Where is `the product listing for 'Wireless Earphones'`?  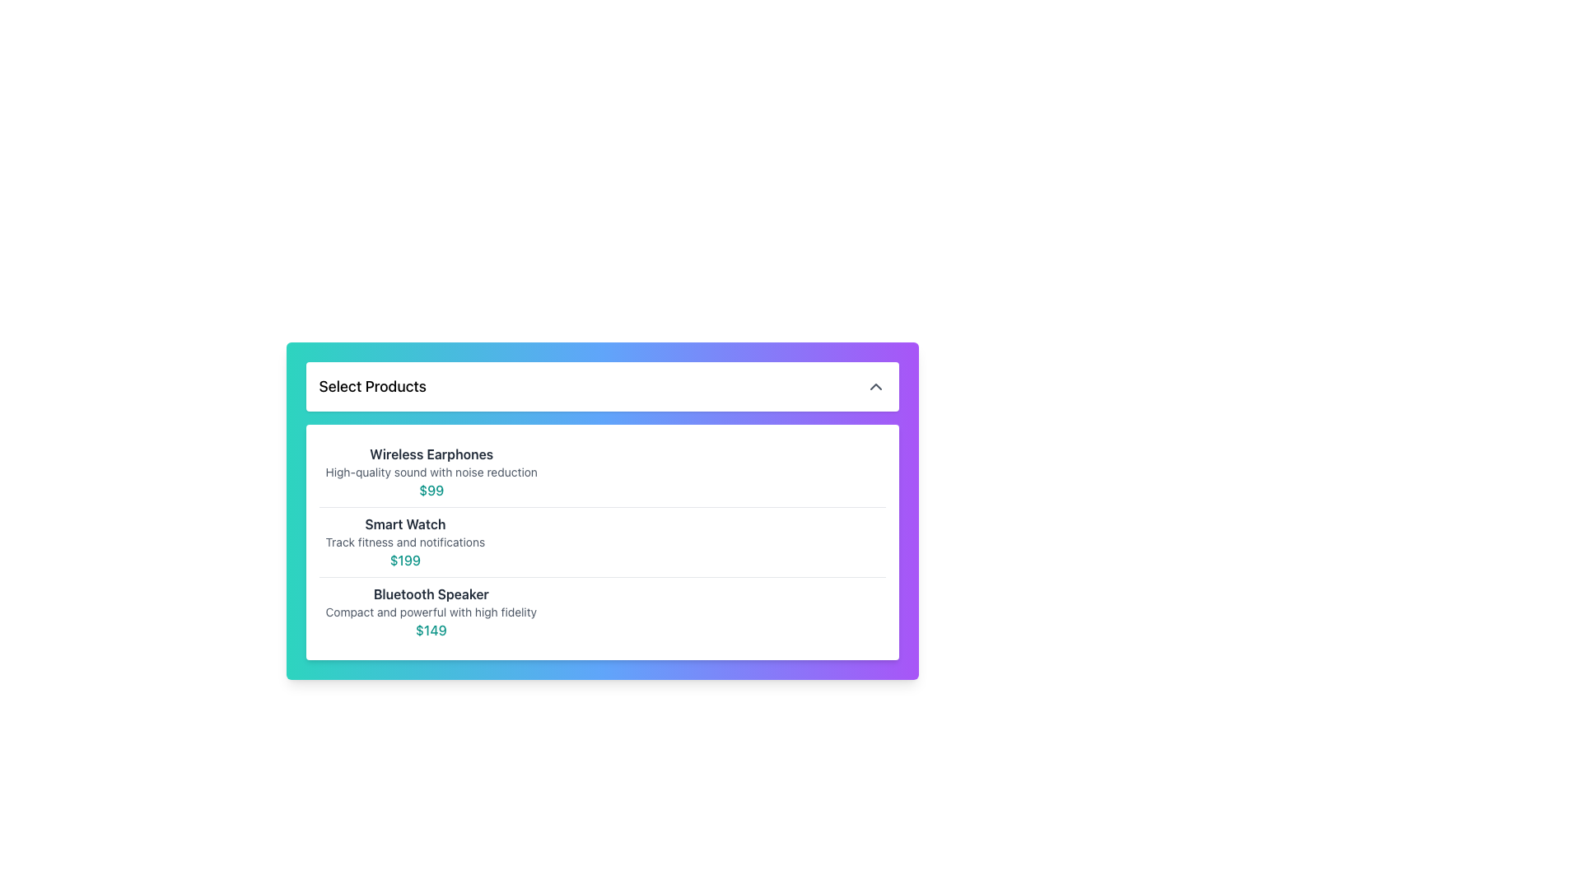 the product listing for 'Wireless Earphones' is located at coordinates (431, 472).